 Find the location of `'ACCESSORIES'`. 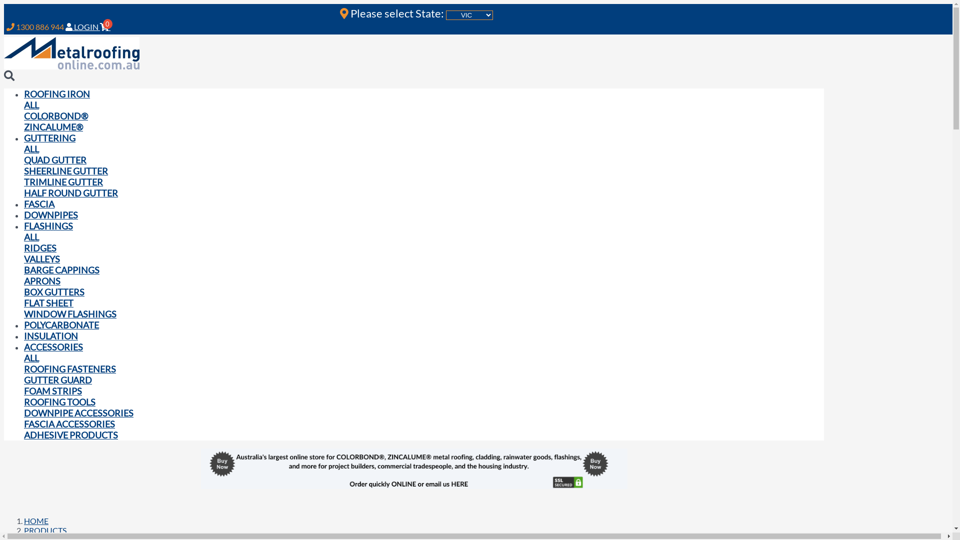

'ACCESSORIES' is located at coordinates (52, 346).